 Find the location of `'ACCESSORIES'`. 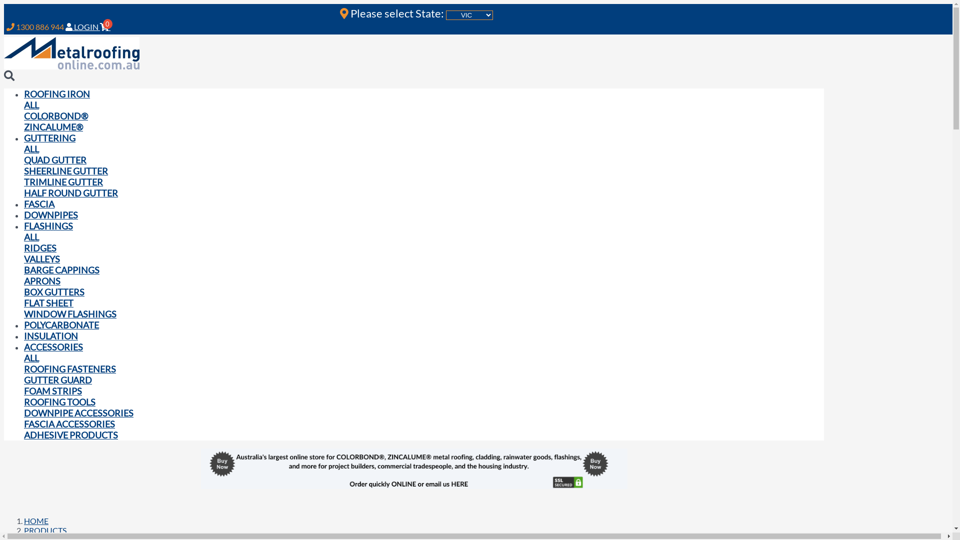

'ACCESSORIES' is located at coordinates (52, 346).